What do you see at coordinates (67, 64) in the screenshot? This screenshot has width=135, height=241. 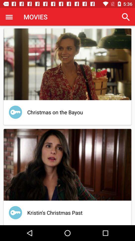 I see `the first image on the web page` at bounding box center [67, 64].